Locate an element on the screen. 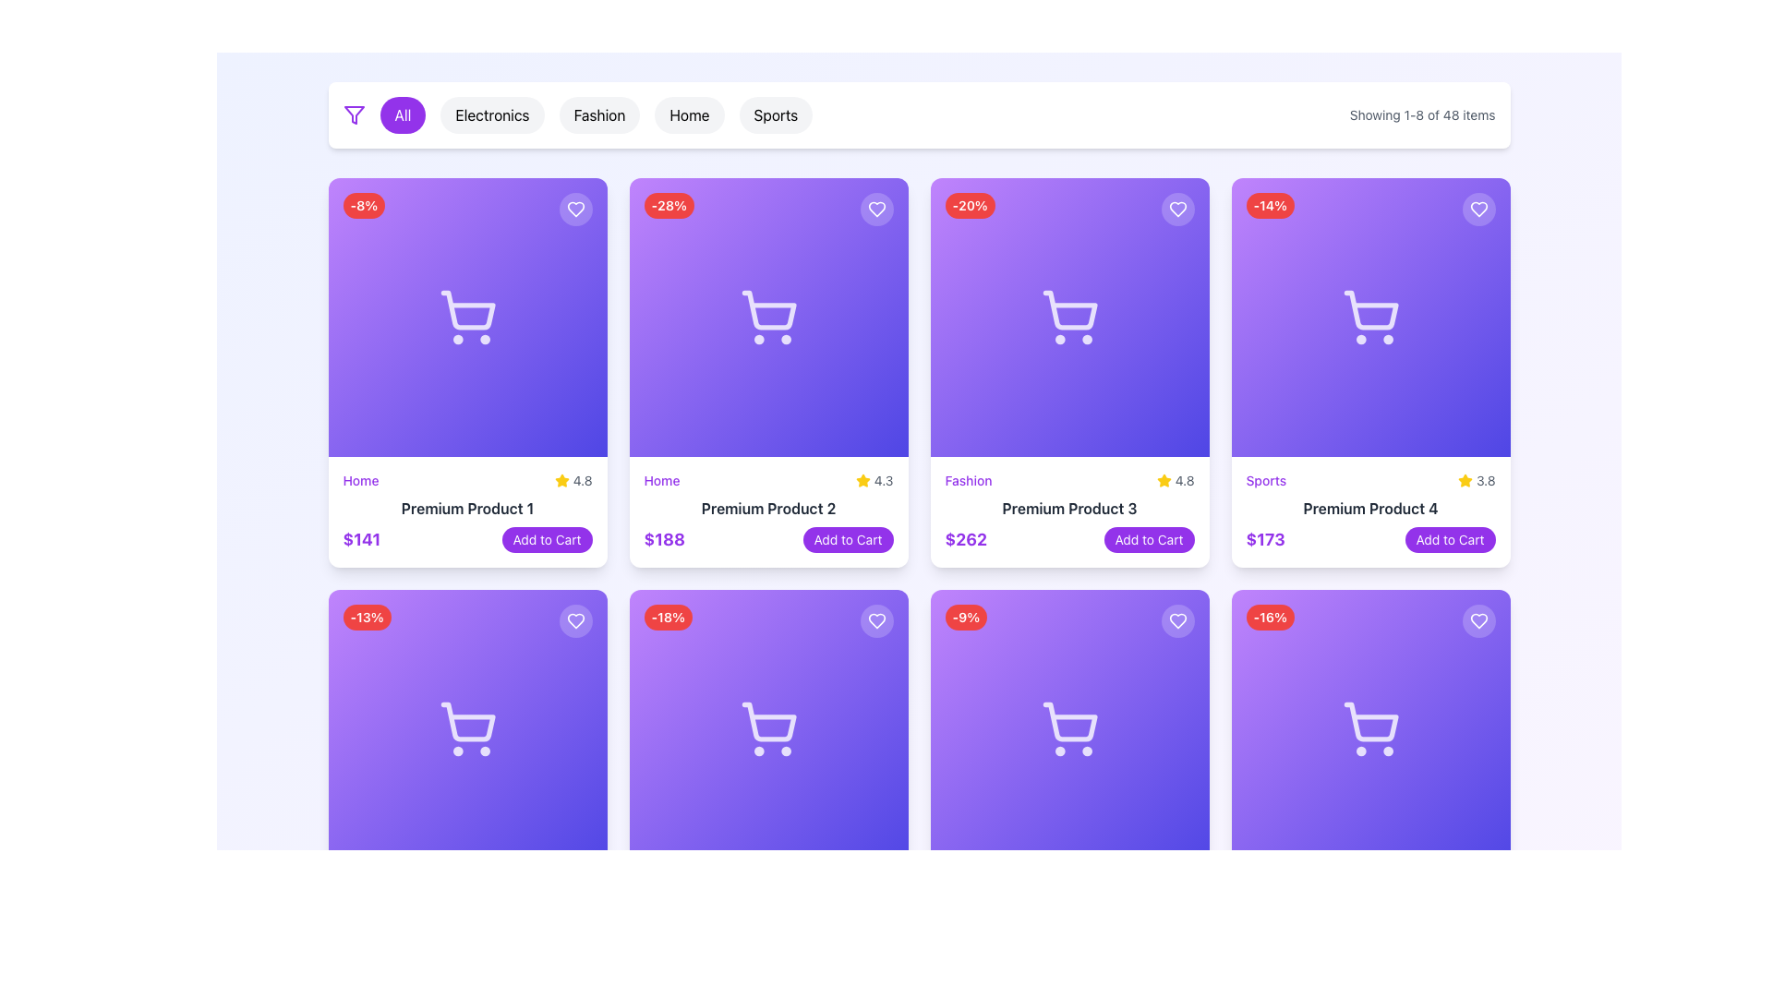 The width and height of the screenshot is (1773, 997). the Product Card located in the second column of the grid's top row is located at coordinates (768, 373).